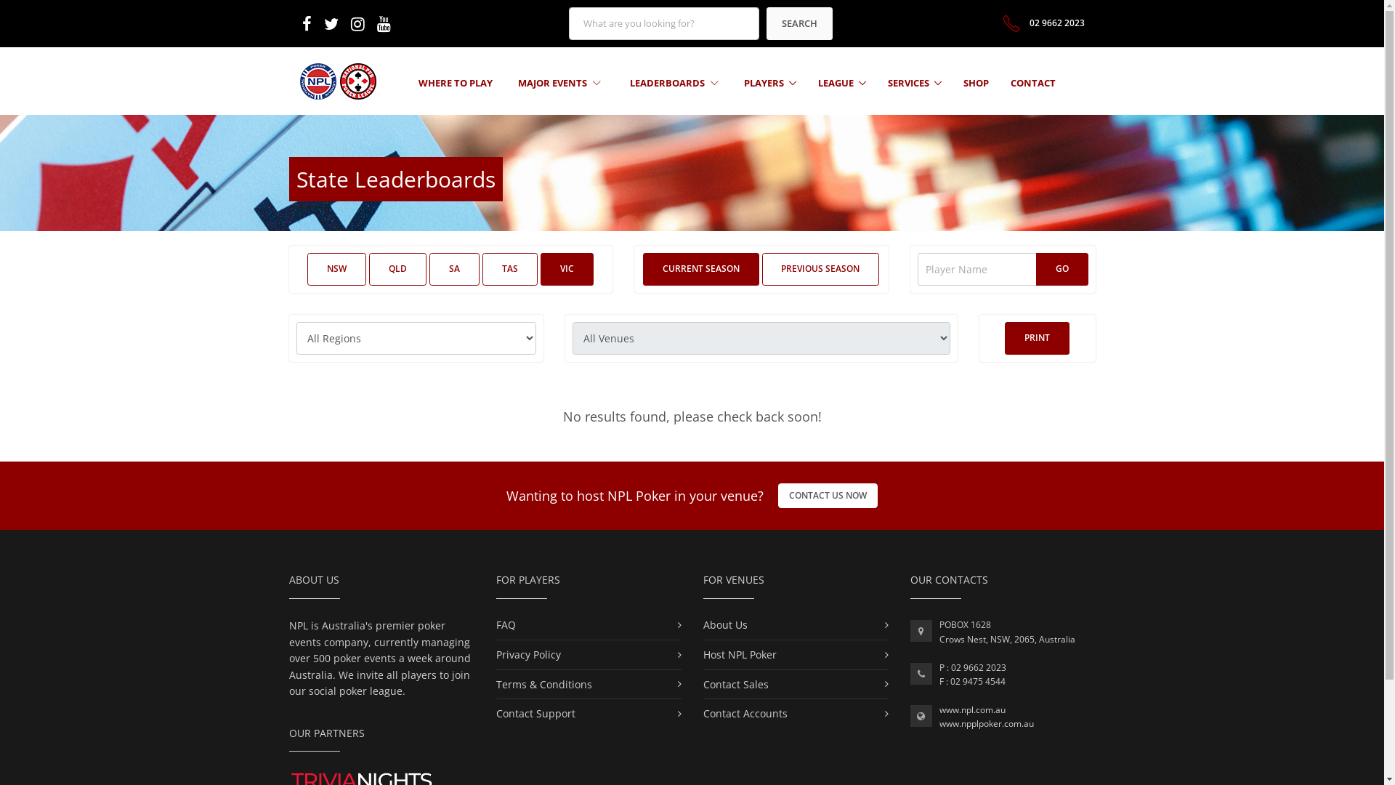  Describe the element at coordinates (735, 684) in the screenshot. I see `'Contact Sales'` at that location.